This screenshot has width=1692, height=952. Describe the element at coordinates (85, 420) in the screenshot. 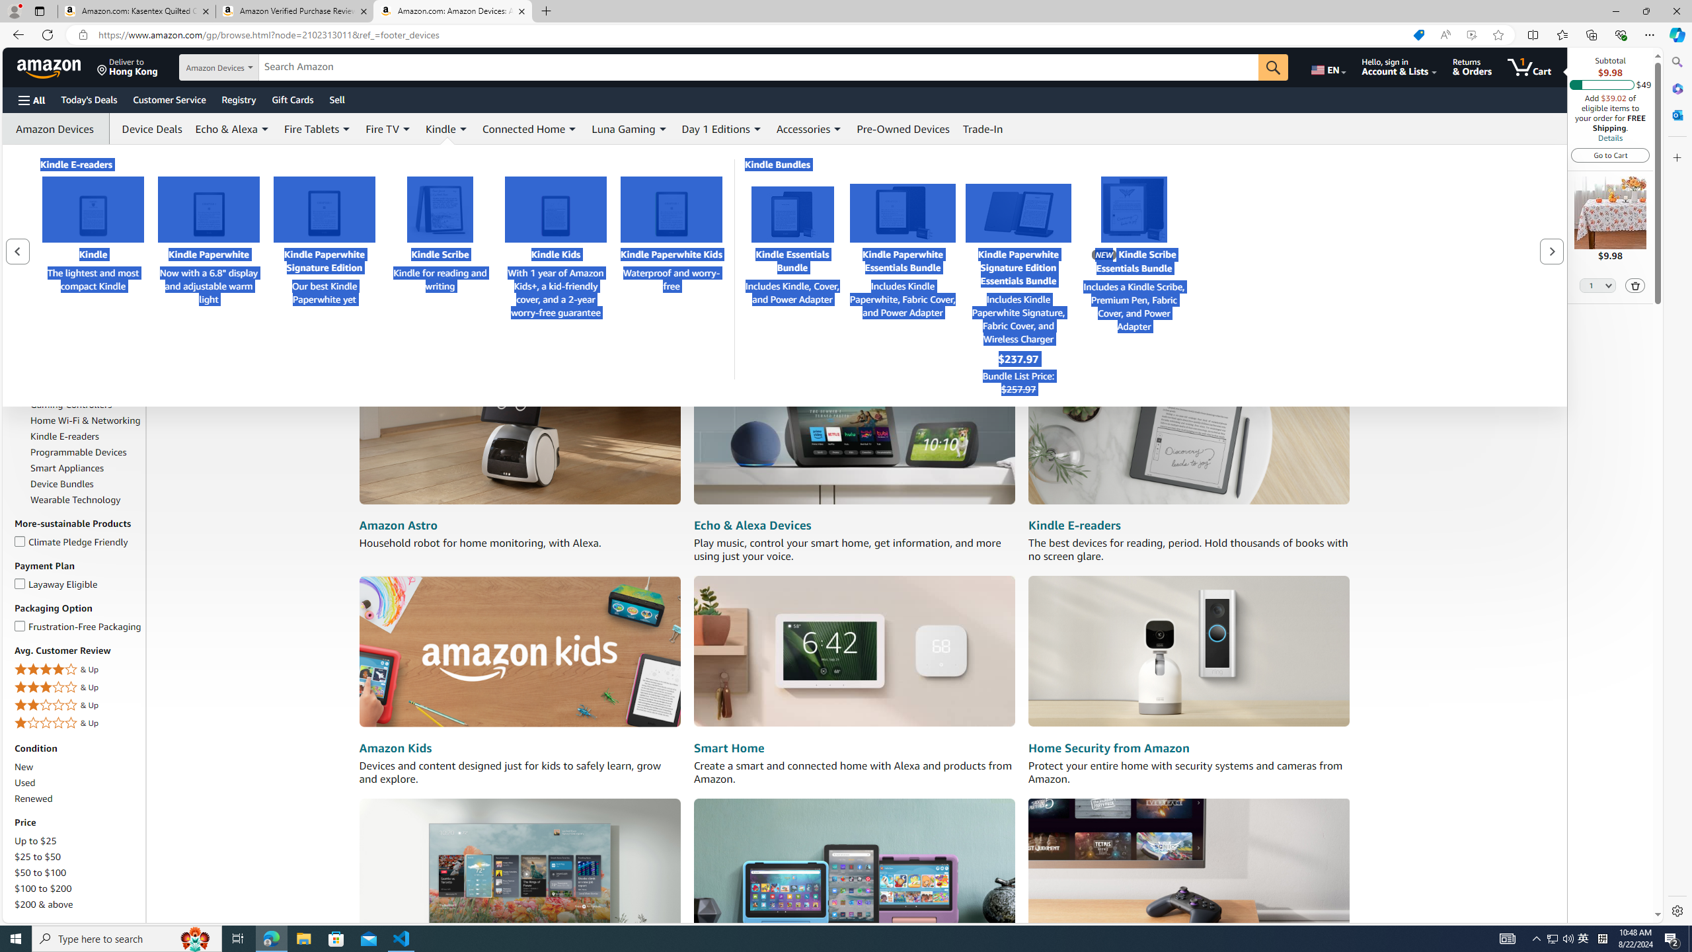

I see `'Home Wi-Fi & Networking'` at that location.